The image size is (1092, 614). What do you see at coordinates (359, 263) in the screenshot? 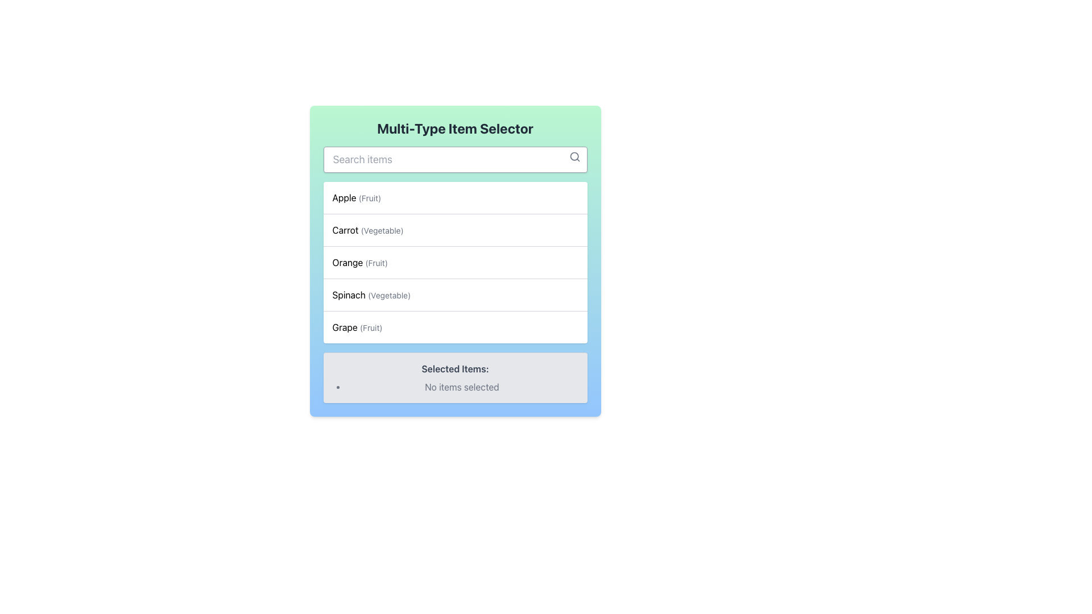
I see `the List Item Text that identifies 'Orange' in the multitype selector, which is the third item in a vertical list between 'Carrot (Vegetable)' and 'Spinach (Vegetable).'` at bounding box center [359, 263].